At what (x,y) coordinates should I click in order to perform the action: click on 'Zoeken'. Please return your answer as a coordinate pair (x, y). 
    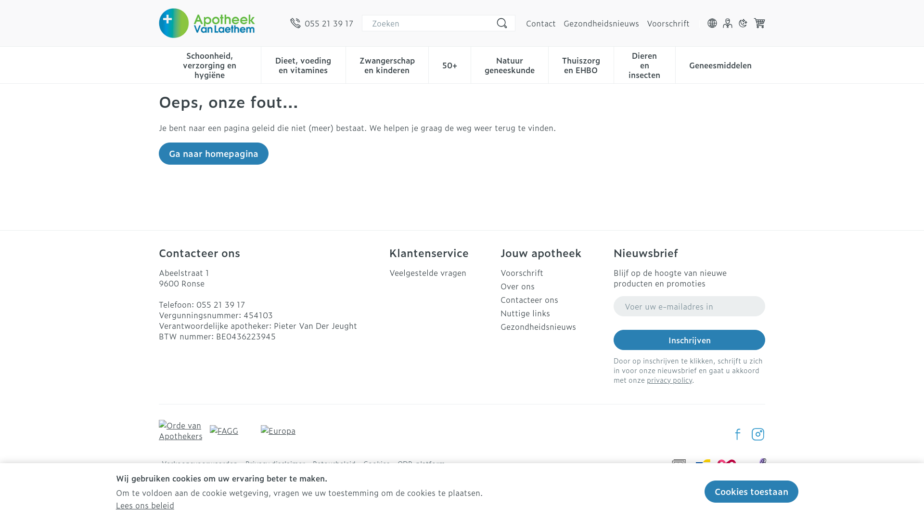
    Looking at the image, I should click on (501, 22).